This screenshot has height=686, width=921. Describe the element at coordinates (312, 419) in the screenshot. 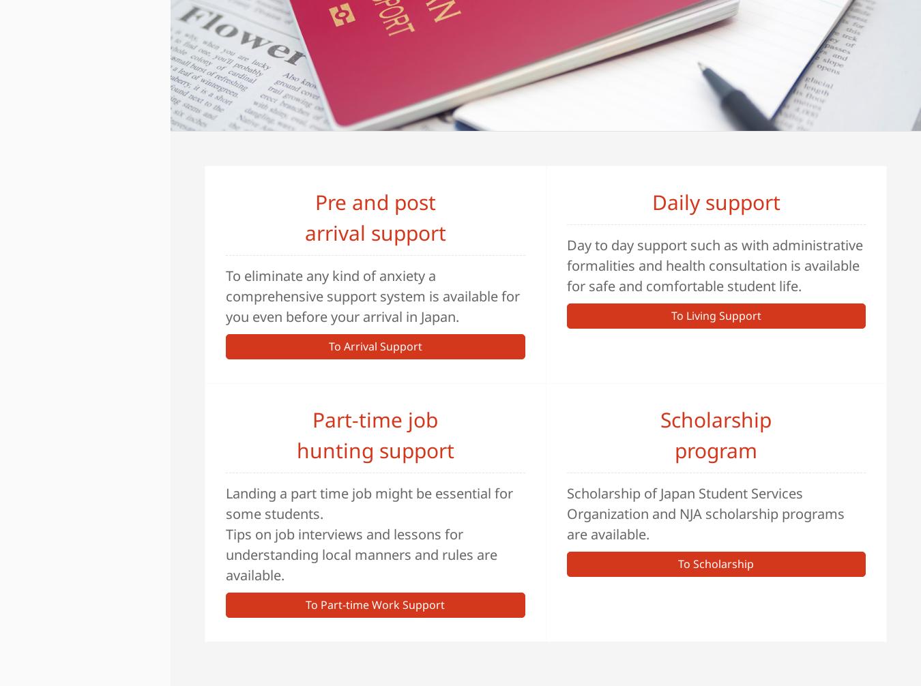

I see `'Part-time job'` at that location.